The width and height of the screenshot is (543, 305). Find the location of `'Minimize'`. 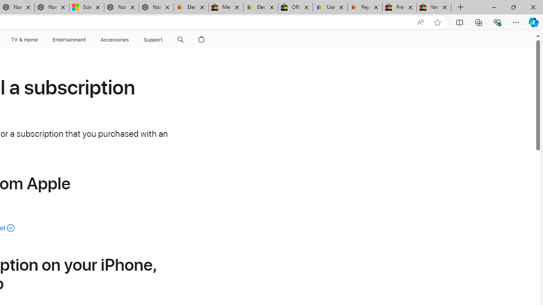

'Minimize' is located at coordinates (494, 7).